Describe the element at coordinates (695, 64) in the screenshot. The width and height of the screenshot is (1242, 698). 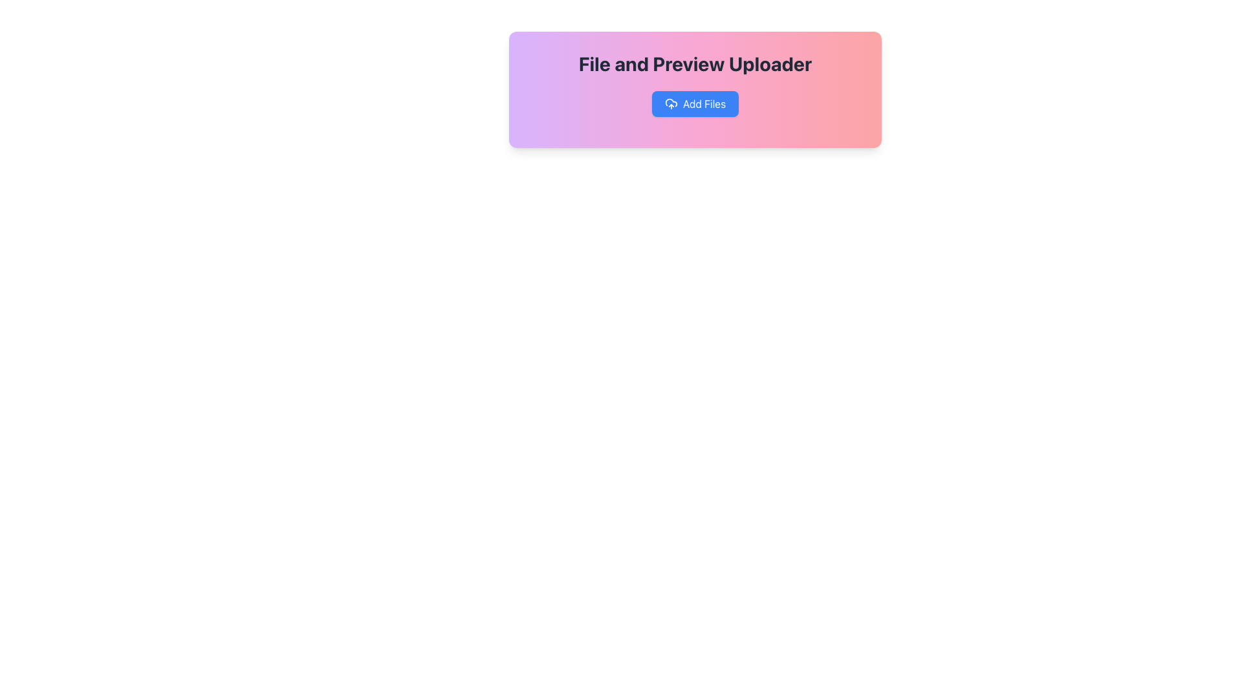
I see `the centered text header labeled 'File and Preview Uploader', which is styled in a large, bold font with a dark gray color and is positioned over a gradient background` at that location.